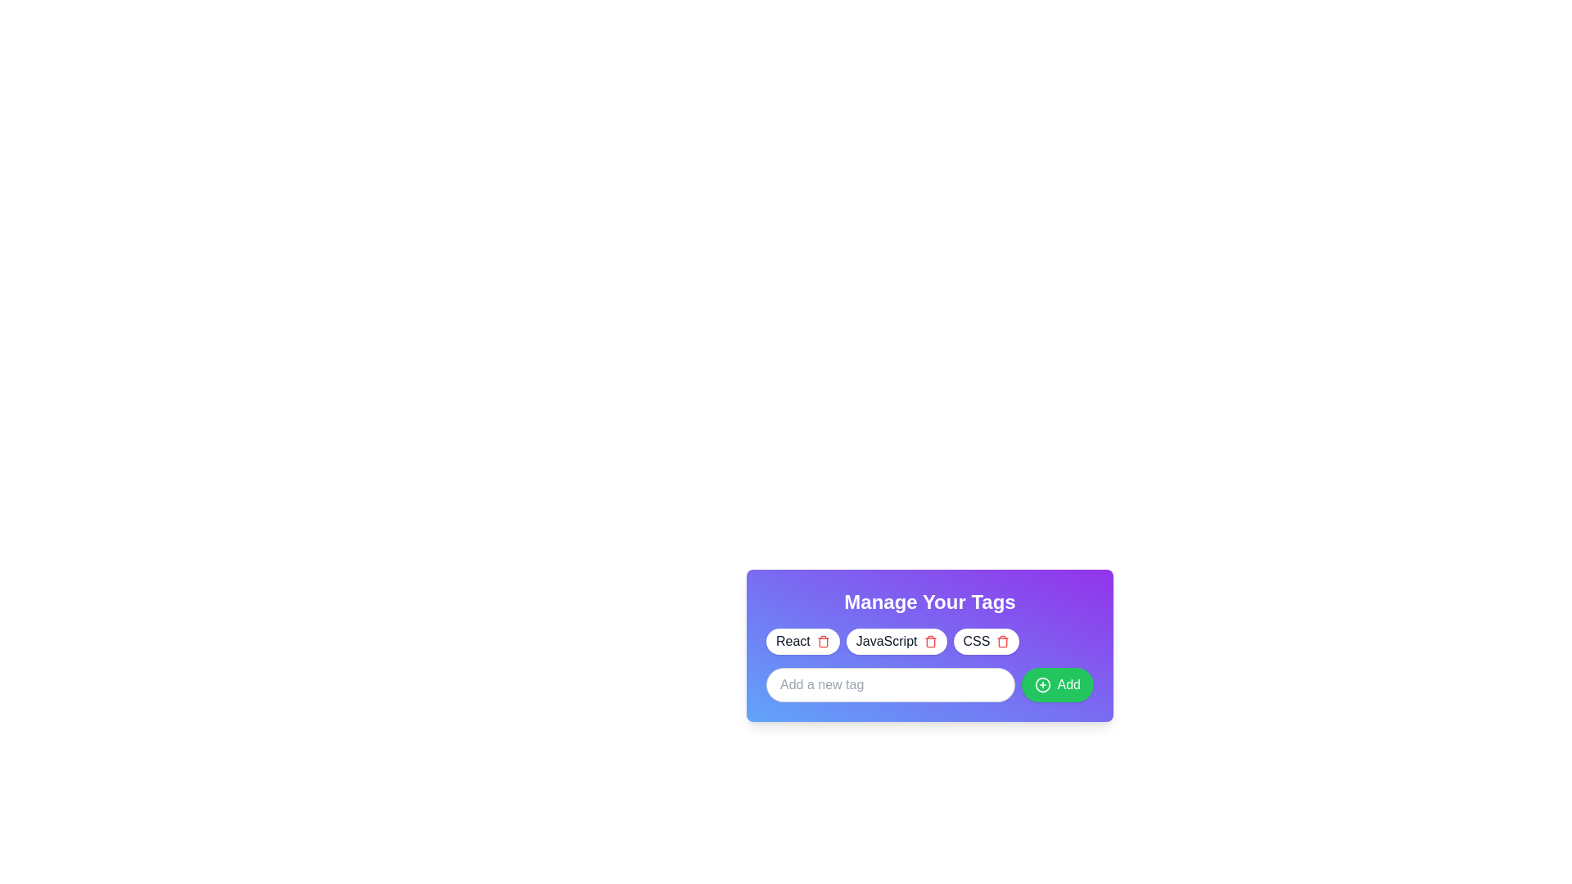 This screenshot has width=1572, height=884. I want to click on the decorative SVG Circle element of the 'Add' button located in the bottom right of the 'Manage Your Tags' section, so click(1041, 685).